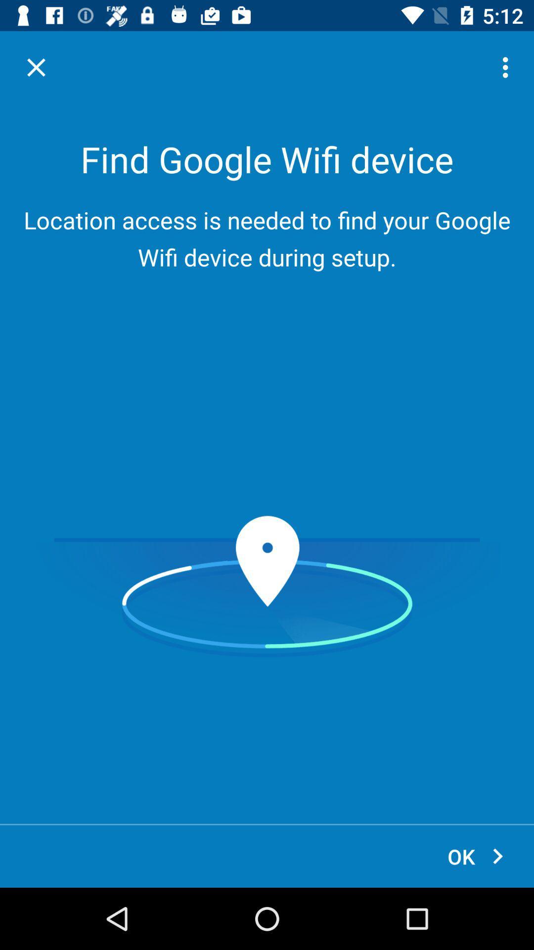 The width and height of the screenshot is (534, 950). Describe the element at coordinates (508, 67) in the screenshot. I see `the icon above the location access is icon` at that location.